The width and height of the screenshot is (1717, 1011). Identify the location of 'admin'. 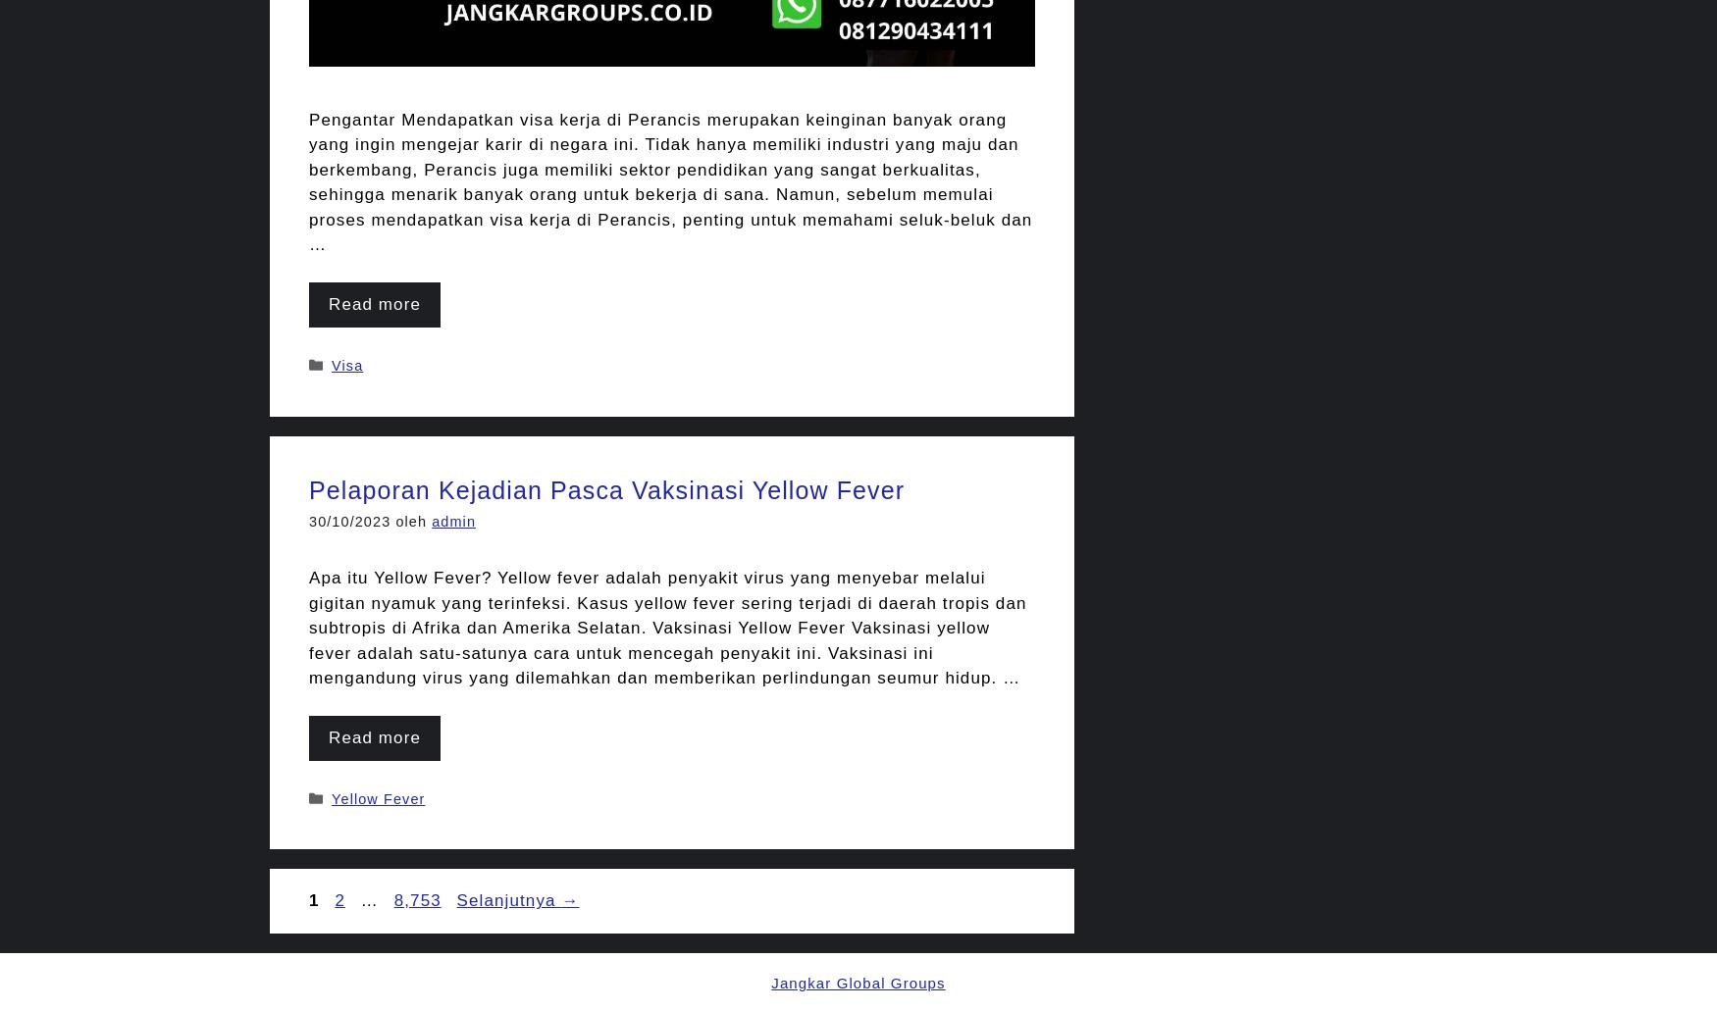
(431, 519).